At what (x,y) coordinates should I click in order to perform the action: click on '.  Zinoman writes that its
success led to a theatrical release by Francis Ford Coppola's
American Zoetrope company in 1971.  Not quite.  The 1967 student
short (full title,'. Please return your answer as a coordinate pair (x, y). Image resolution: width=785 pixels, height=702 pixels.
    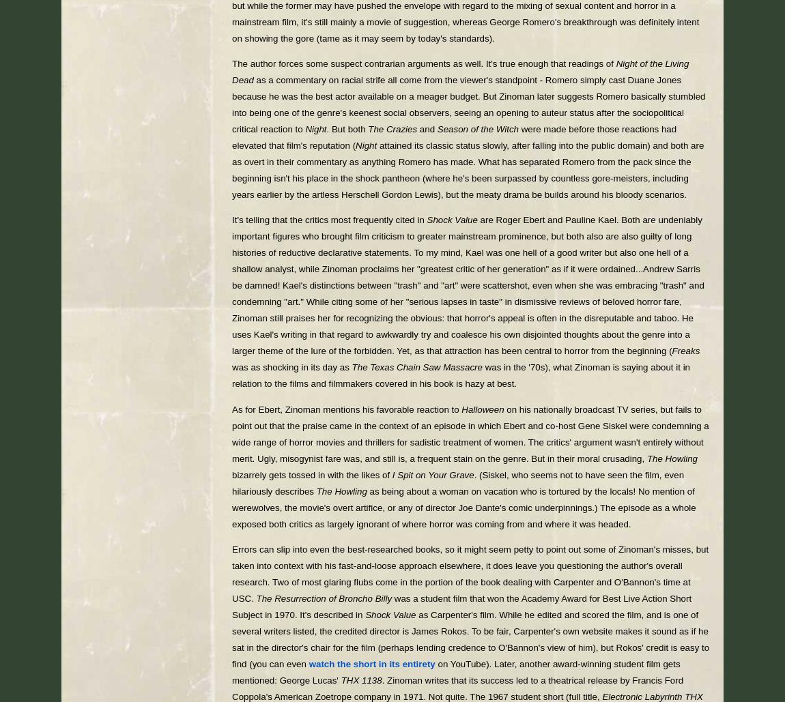
    Looking at the image, I should click on (457, 688).